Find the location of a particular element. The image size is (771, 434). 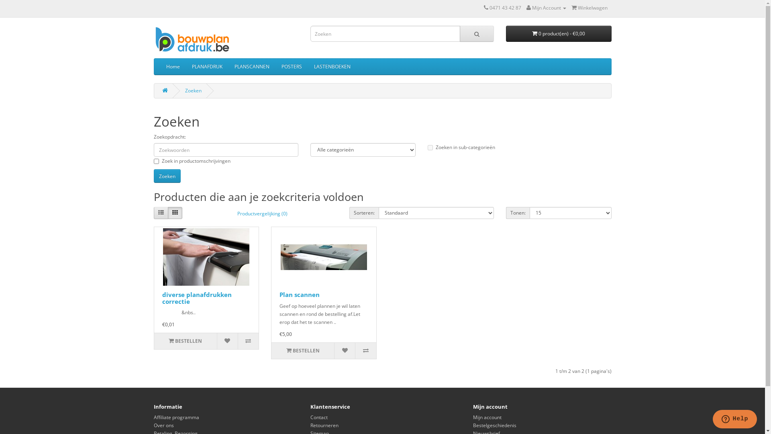

'Affiliate programma' is located at coordinates (153, 417).